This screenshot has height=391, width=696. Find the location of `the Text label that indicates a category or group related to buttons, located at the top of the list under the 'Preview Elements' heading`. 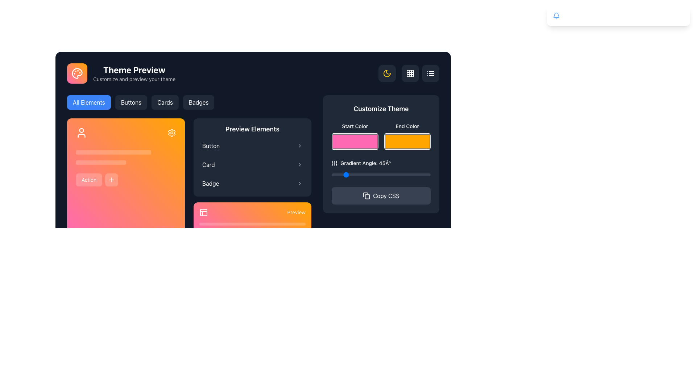

the Text label that indicates a category or group related to buttons, located at the top of the list under the 'Preview Elements' heading is located at coordinates (211, 146).